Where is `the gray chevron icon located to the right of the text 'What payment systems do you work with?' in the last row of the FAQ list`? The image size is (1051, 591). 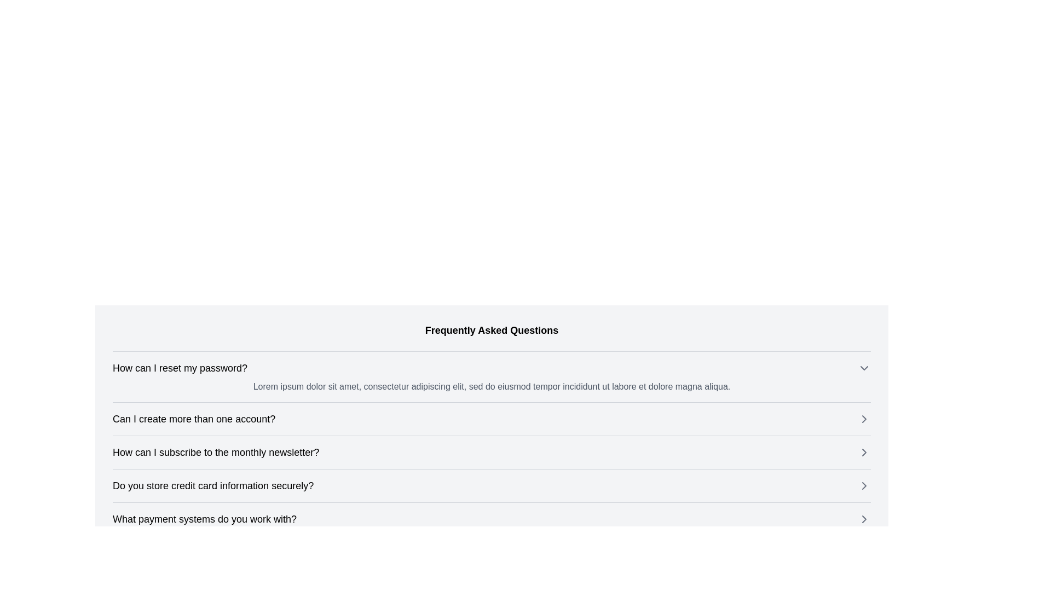 the gray chevron icon located to the right of the text 'What payment systems do you work with?' in the last row of the FAQ list is located at coordinates (864, 518).